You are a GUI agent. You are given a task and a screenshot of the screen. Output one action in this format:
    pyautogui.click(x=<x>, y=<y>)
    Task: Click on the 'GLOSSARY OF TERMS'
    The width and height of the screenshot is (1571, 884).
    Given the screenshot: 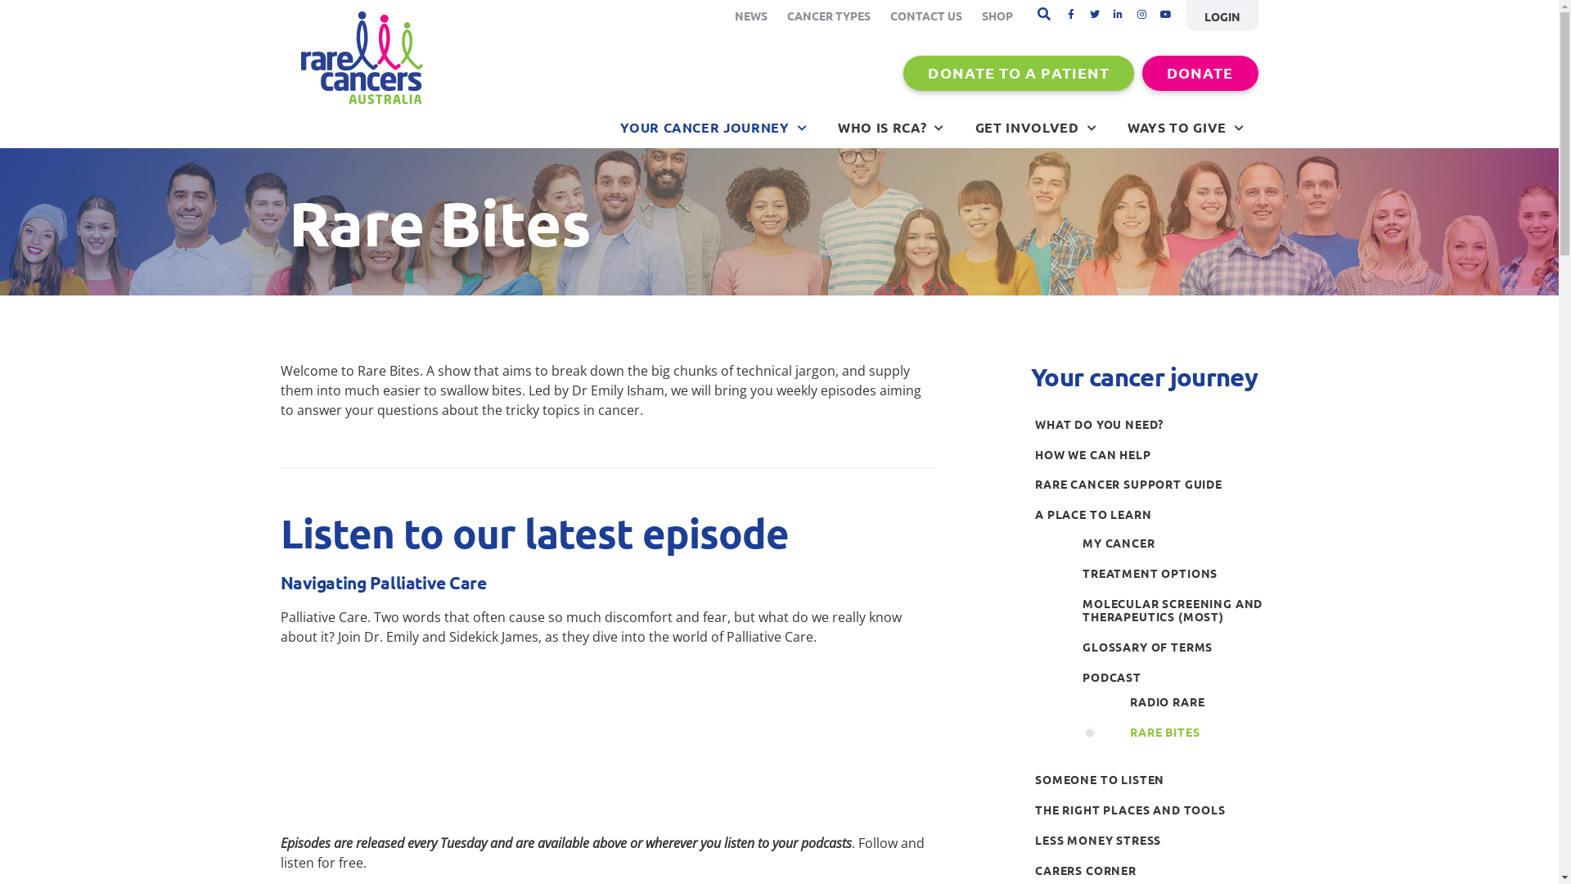 What is the action you would take?
    pyautogui.click(x=1173, y=646)
    